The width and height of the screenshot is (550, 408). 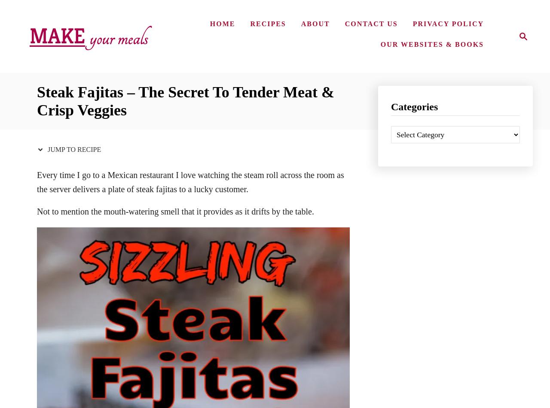 I want to click on 'Privacy Policy', so click(x=447, y=23).